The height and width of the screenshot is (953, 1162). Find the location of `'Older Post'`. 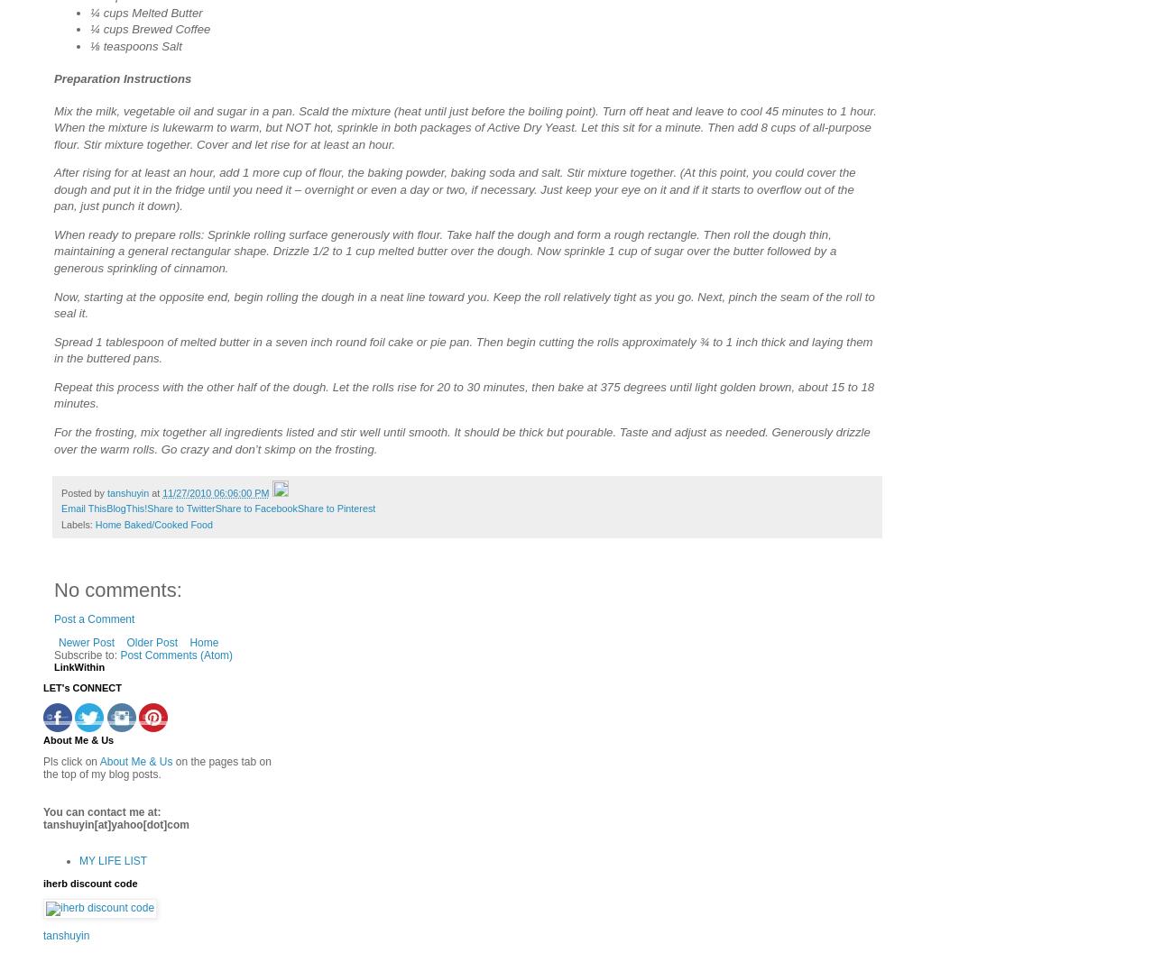

'Older Post' is located at coordinates (152, 640).